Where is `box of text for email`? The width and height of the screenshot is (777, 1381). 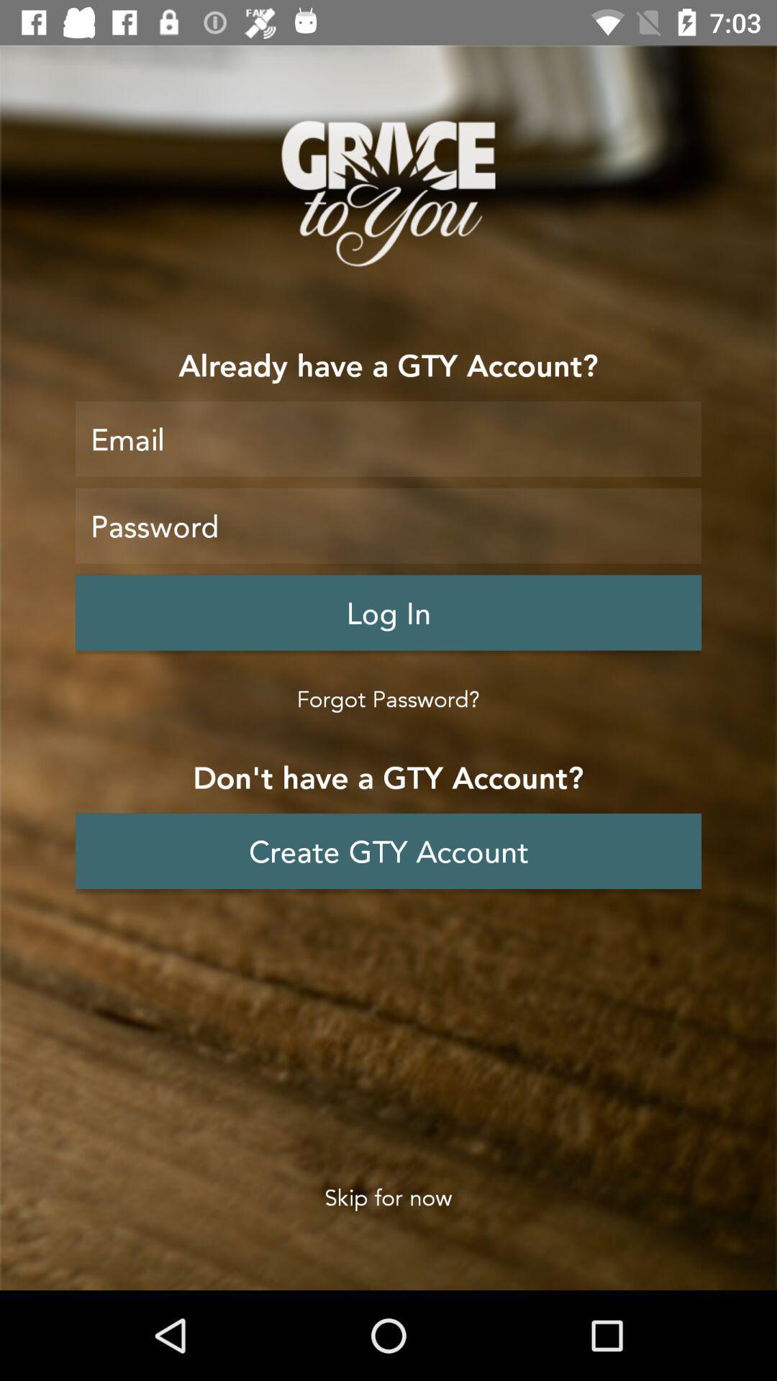 box of text for email is located at coordinates (388, 438).